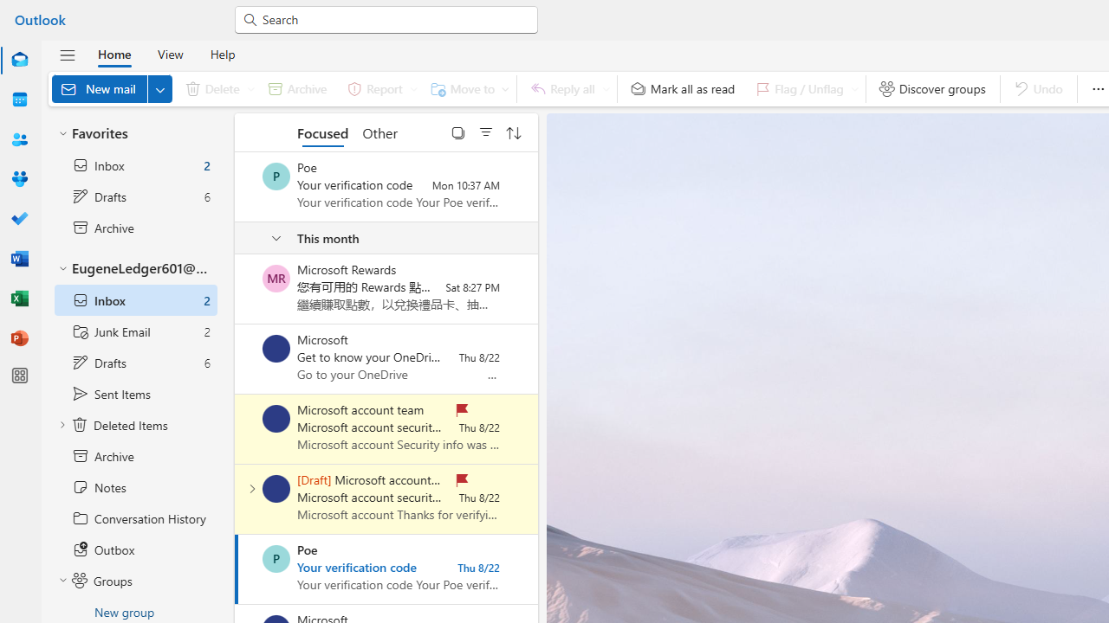  I want to click on 'Word', so click(20, 258).